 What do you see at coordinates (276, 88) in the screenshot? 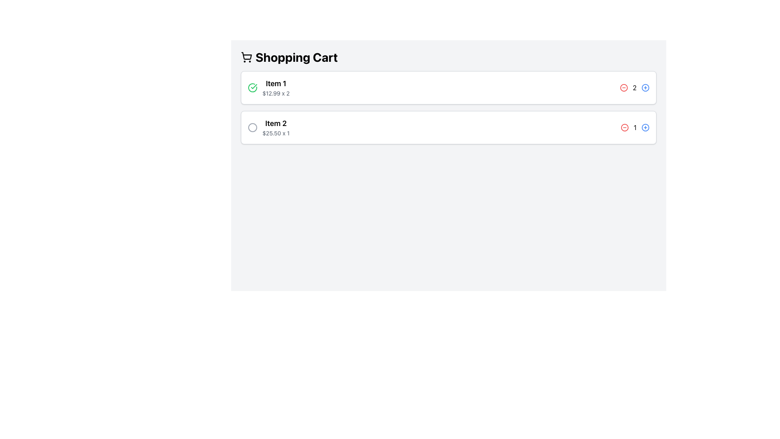
I see `details of the text label containing 'Item 1' with details '$12.99 x 2' in the shopping cart interface` at bounding box center [276, 88].